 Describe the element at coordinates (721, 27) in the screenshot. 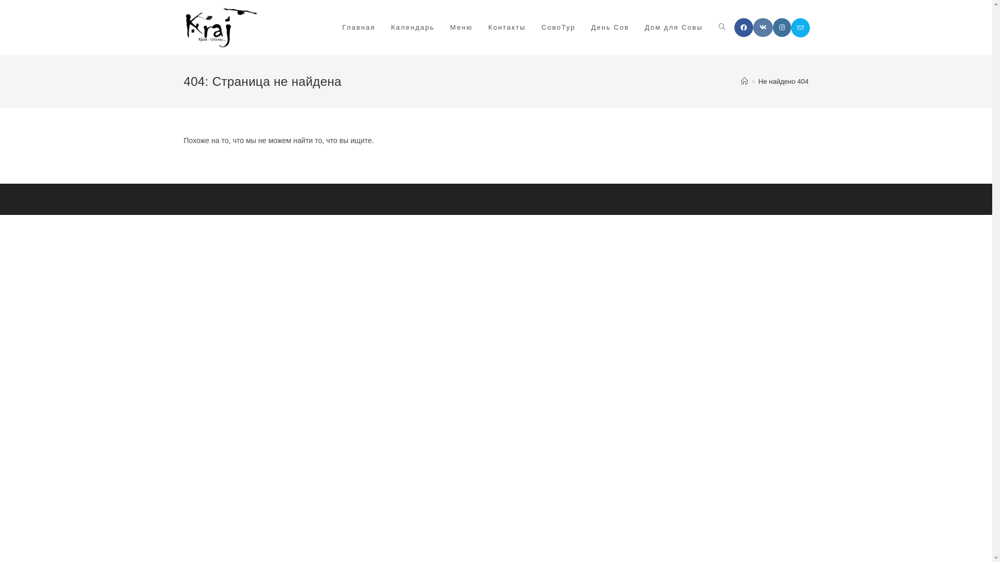

I see `'Toggle website search'` at that location.